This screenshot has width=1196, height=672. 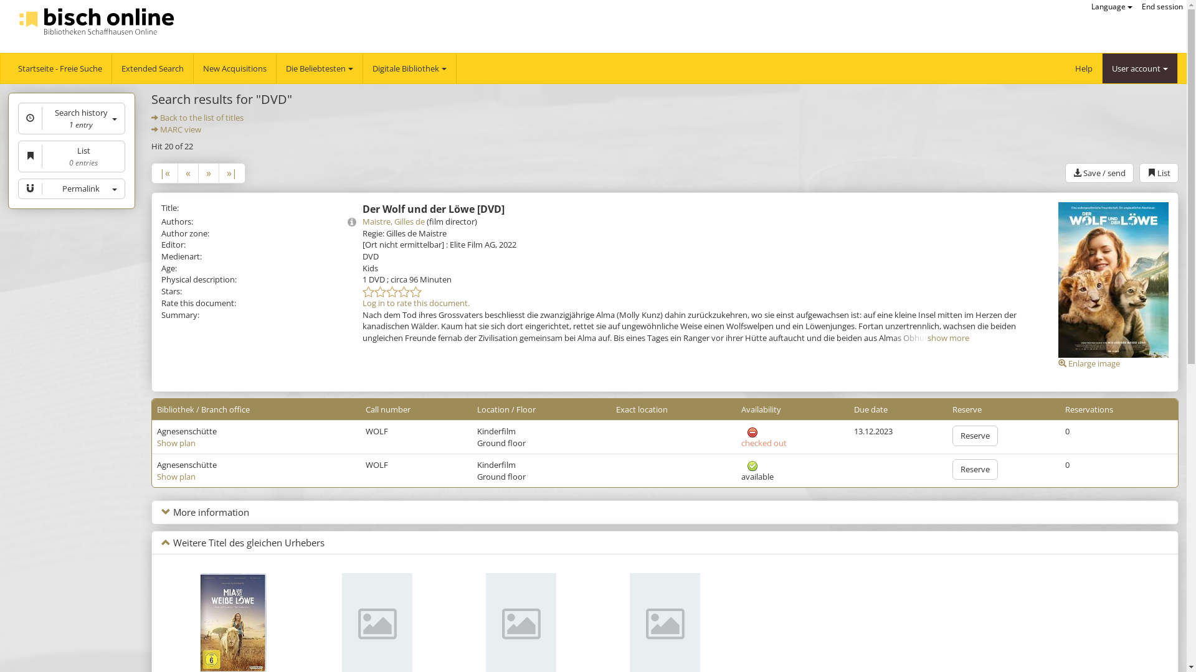 What do you see at coordinates (927, 338) in the screenshot?
I see `'show more'` at bounding box center [927, 338].